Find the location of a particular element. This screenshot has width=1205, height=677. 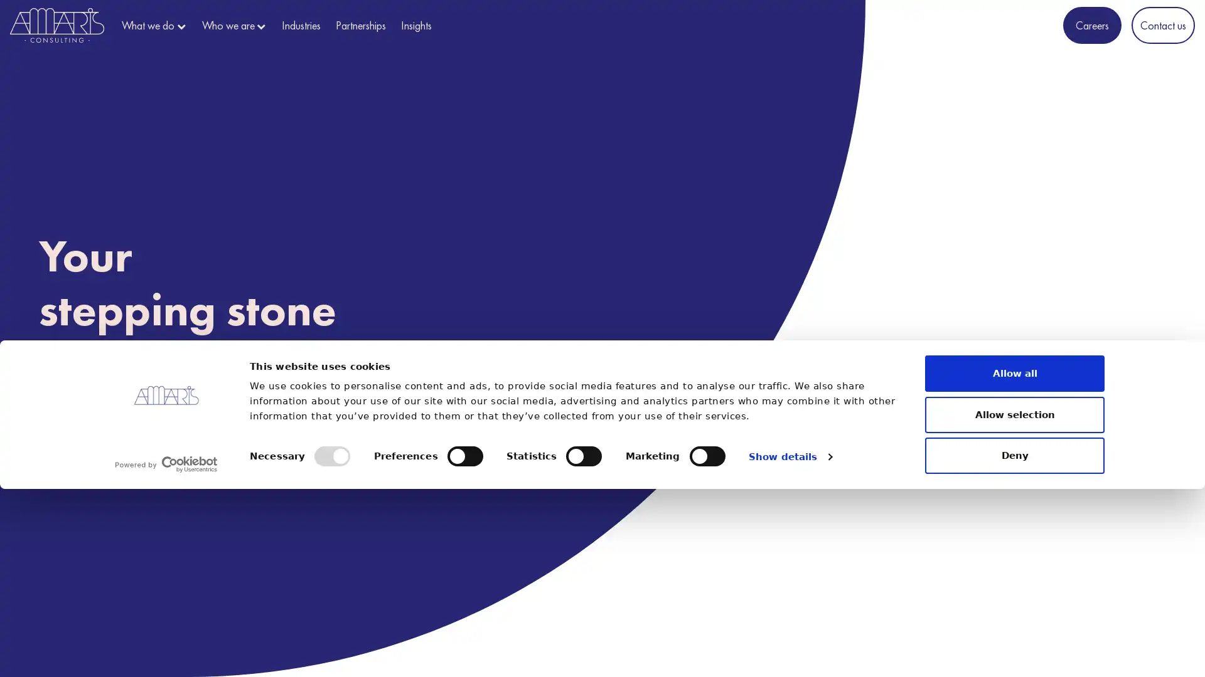

Careers is located at coordinates (1091, 25).